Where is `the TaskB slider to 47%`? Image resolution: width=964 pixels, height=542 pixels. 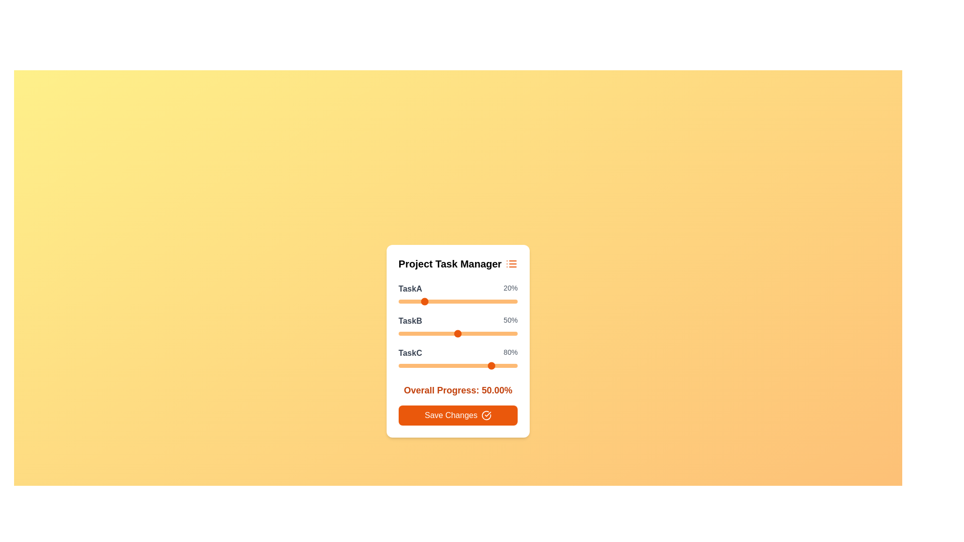 the TaskB slider to 47% is located at coordinates (454, 333).